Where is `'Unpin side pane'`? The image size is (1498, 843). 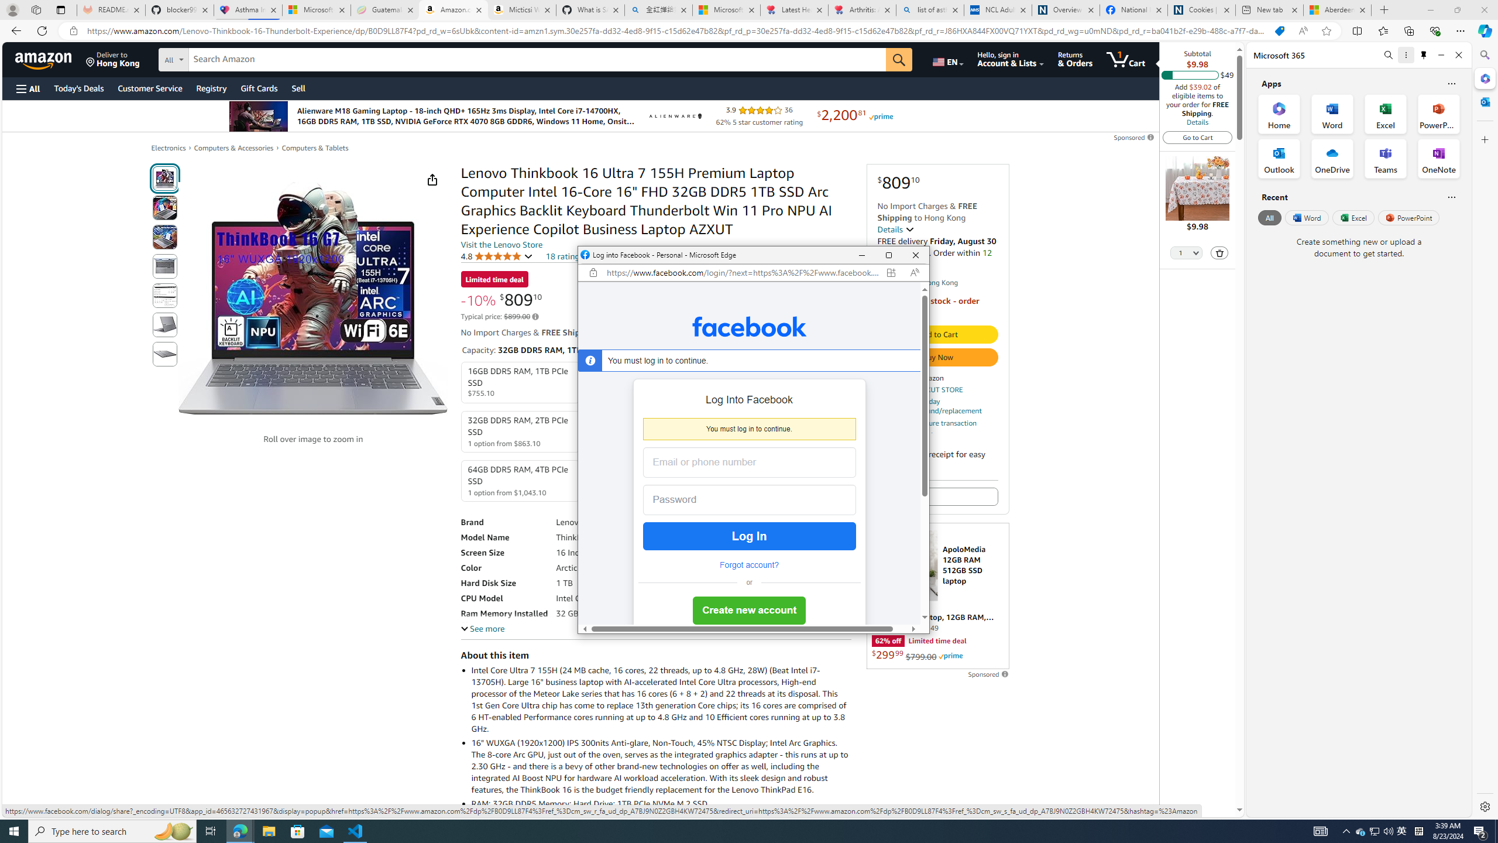 'Unpin side pane' is located at coordinates (1424, 54).